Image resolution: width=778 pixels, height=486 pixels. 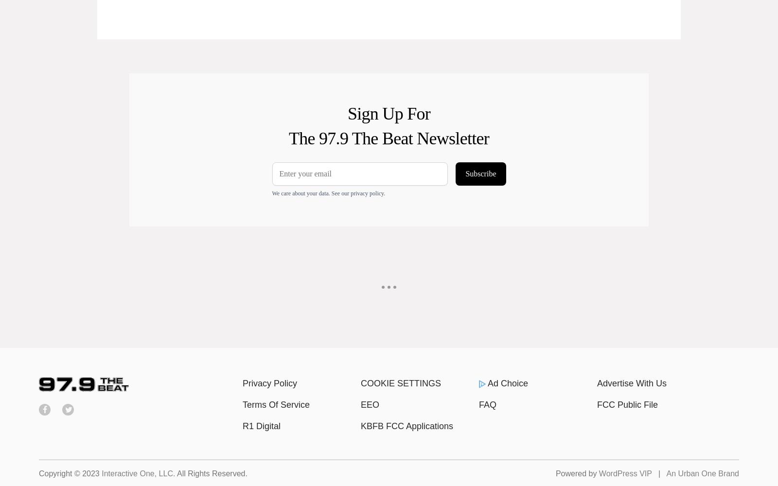 What do you see at coordinates (389, 138) in the screenshot?
I see `'The 97.9 The Beat Newsletter'` at bounding box center [389, 138].